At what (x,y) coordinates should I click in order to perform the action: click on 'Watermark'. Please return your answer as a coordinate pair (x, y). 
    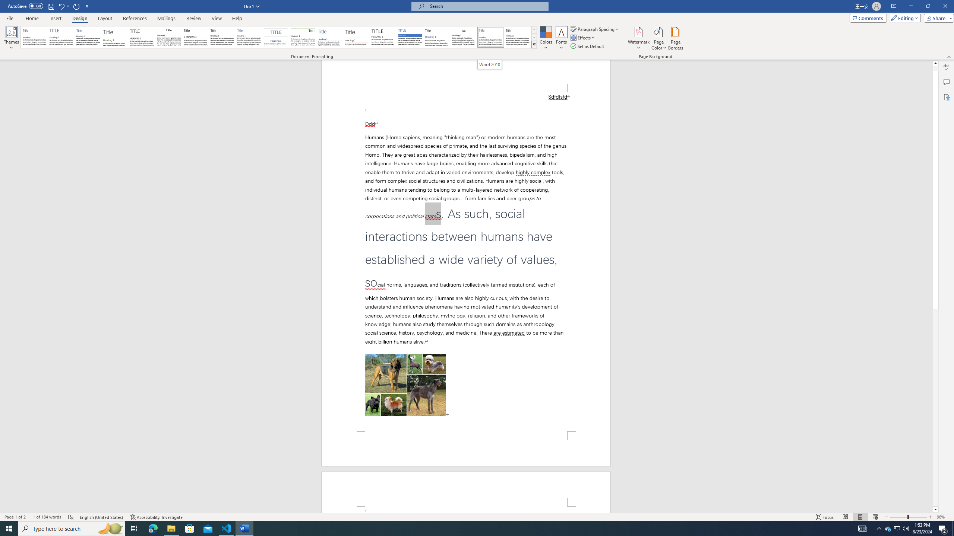
    Looking at the image, I should click on (638, 38).